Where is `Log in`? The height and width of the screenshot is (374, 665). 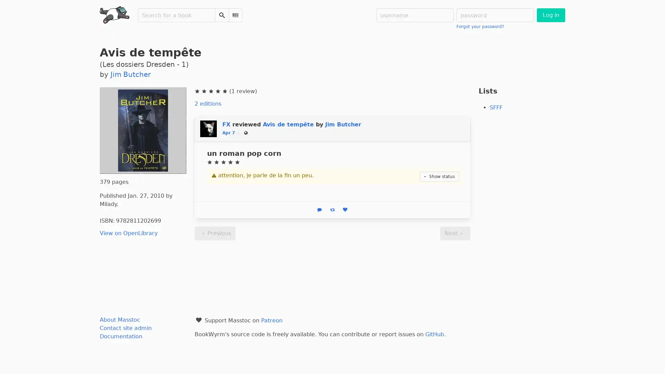 Log in is located at coordinates (550, 15).